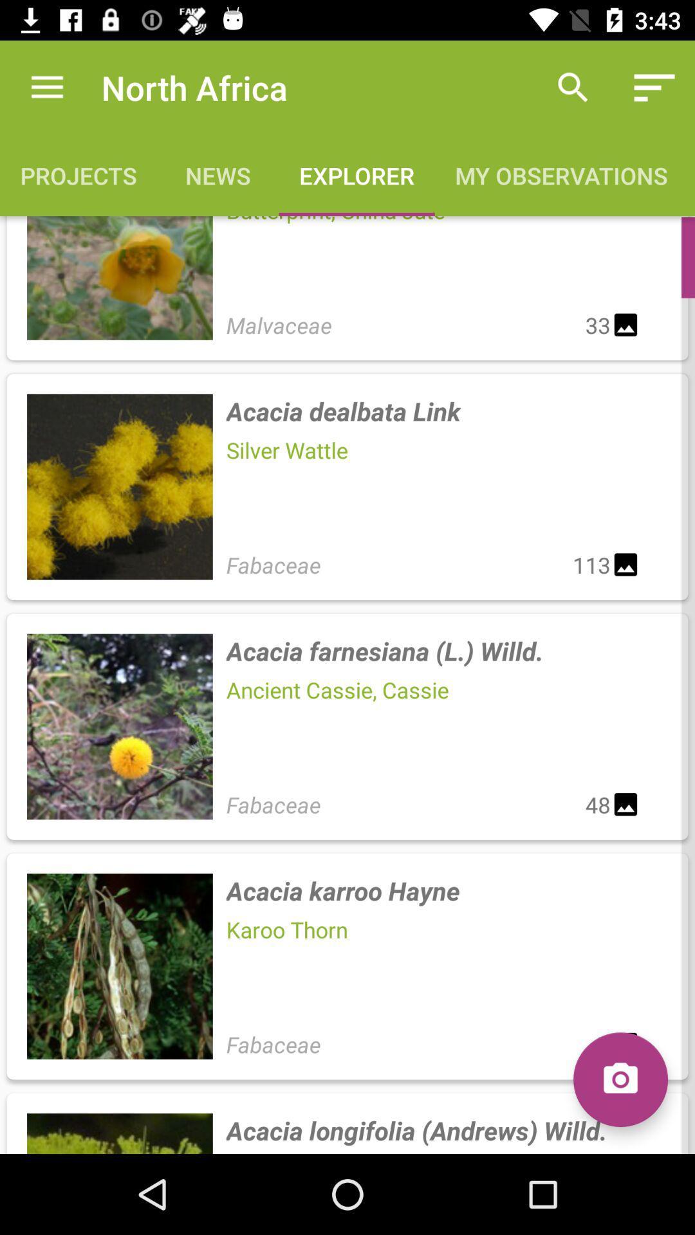 The width and height of the screenshot is (695, 1235). Describe the element at coordinates (46, 87) in the screenshot. I see `item above the projects` at that location.